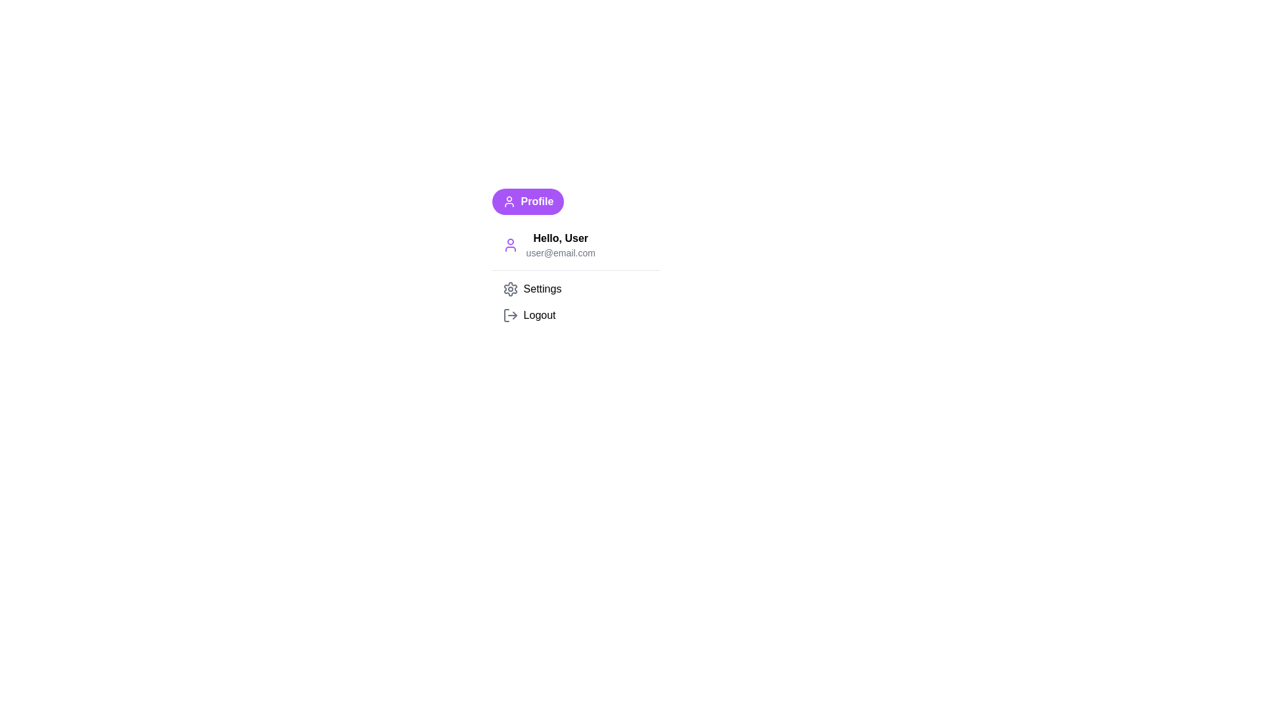  Describe the element at coordinates (527, 202) in the screenshot. I see `the Profile button to toggle the dropdown menu` at that location.